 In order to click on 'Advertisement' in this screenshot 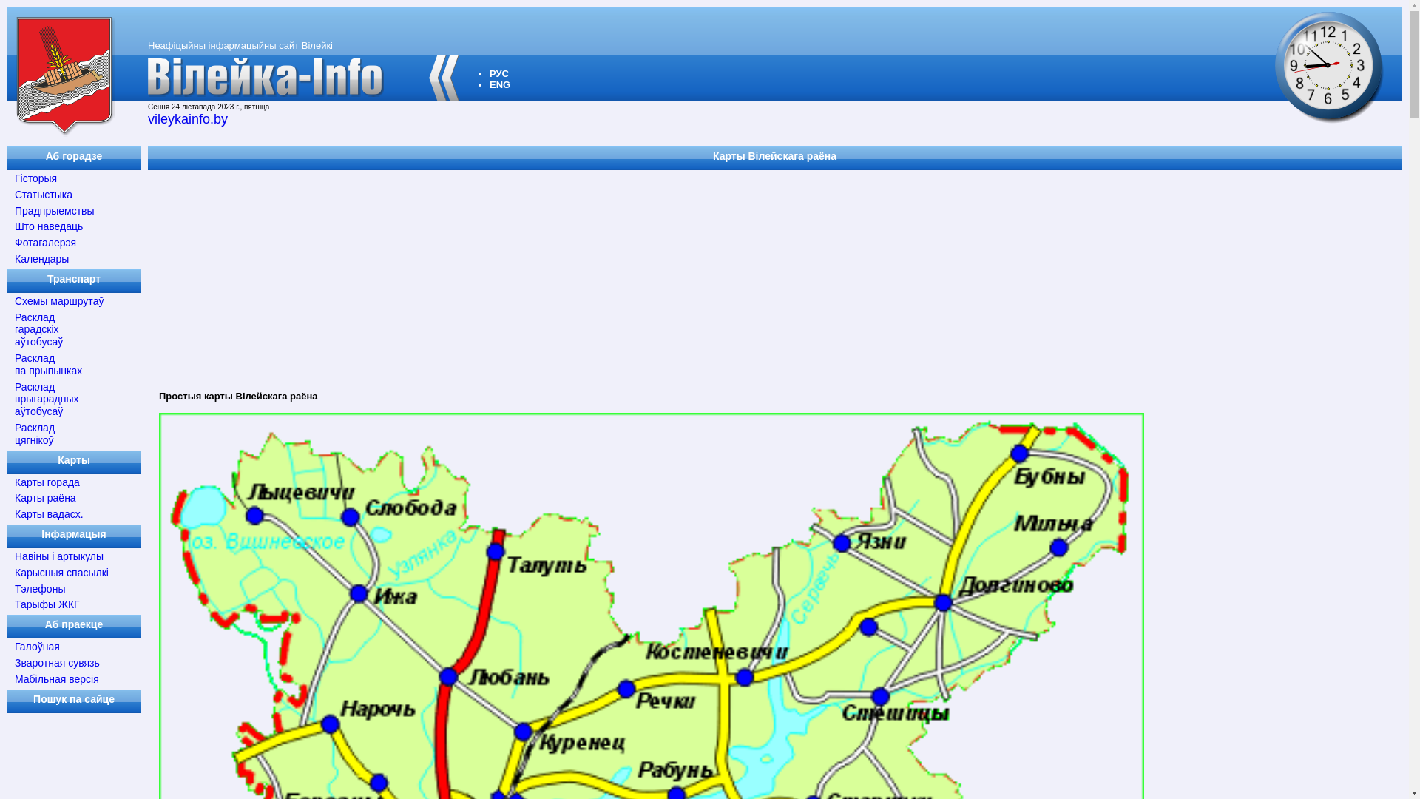, I will do `click(592, 276)`.